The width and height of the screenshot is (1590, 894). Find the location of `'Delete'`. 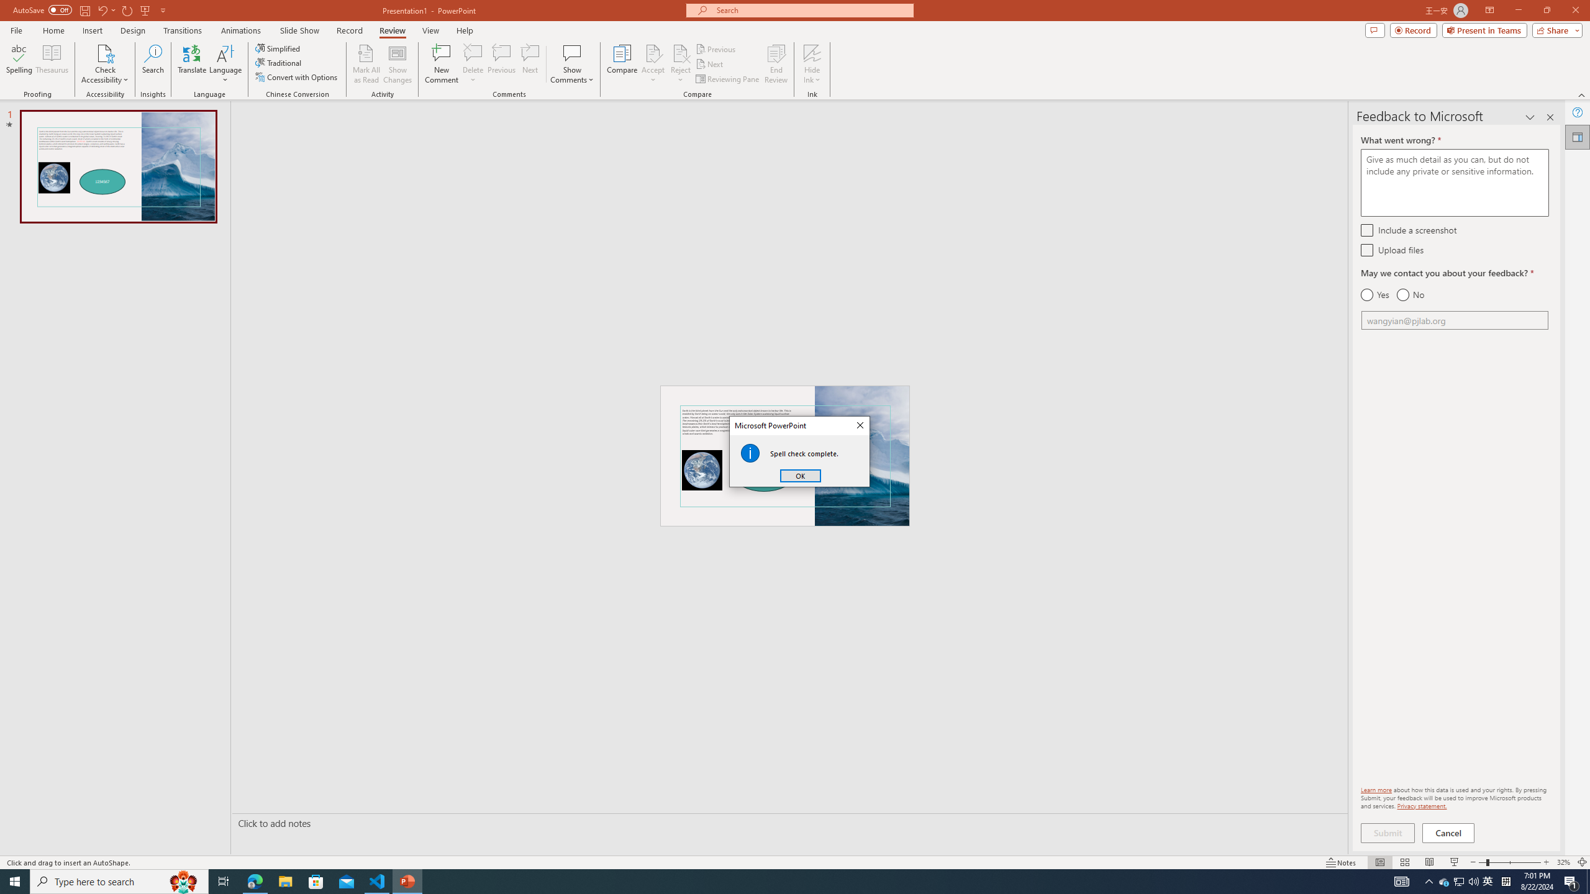

'Delete' is located at coordinates (473, 52).